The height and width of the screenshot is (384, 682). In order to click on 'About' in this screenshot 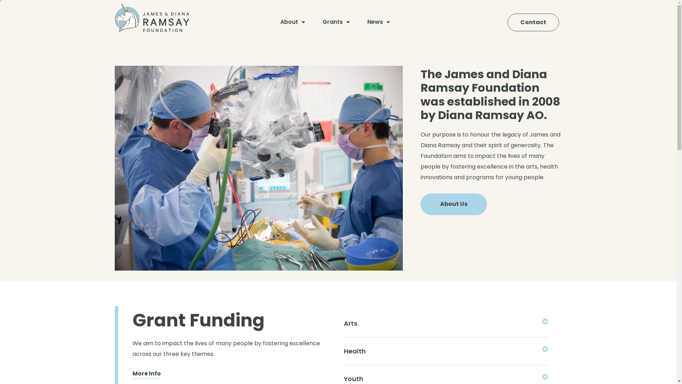, I will do `click(280, 21)`.